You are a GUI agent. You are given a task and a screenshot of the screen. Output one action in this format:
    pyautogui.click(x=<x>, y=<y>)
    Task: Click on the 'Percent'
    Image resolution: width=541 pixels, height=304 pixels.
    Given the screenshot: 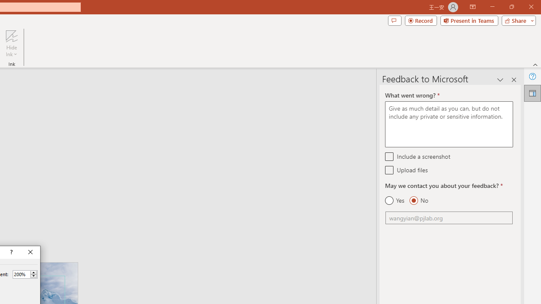 What is the action you would take?
    pyautogui.click(x=25, y=274)
    